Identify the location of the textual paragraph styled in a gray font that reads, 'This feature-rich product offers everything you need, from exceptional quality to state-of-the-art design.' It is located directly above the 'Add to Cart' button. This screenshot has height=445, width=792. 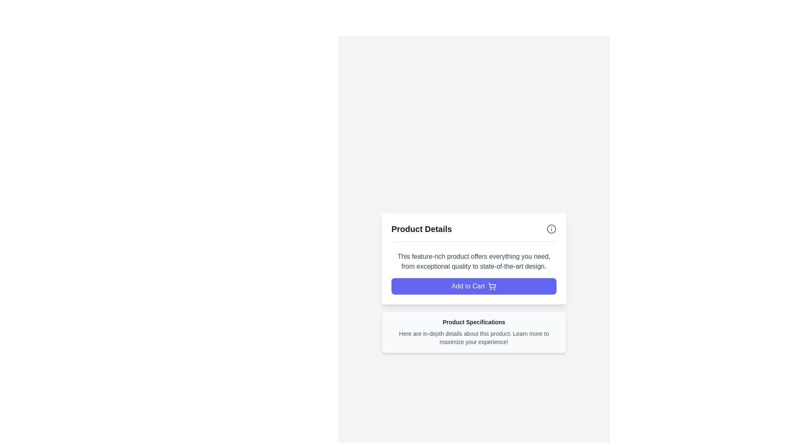
(474, 261).